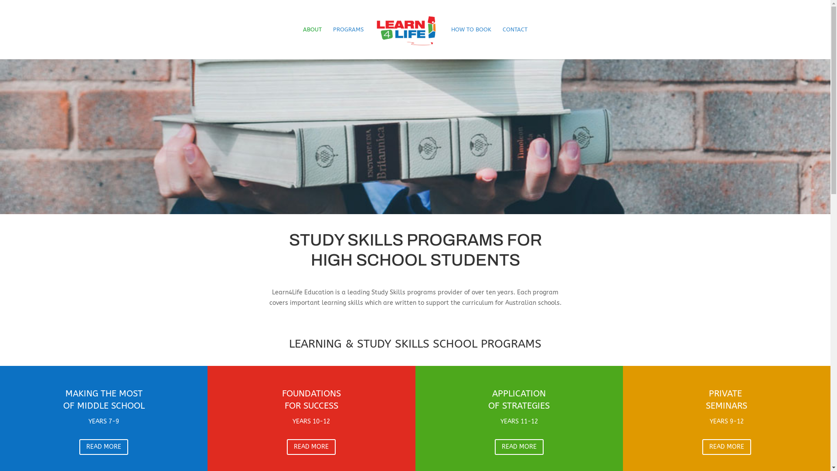 This screenshot has width=837, height=471. Describe the element at coordinates (79, 447) in the screenshot. I see `'READ MORE'` at that location.